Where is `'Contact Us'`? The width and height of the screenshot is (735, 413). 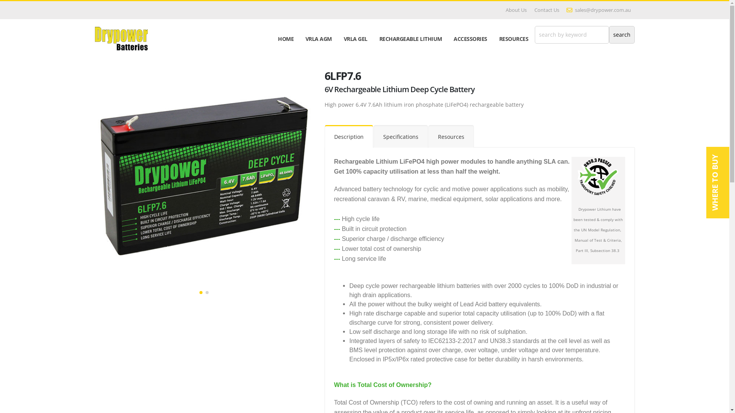 'Contact Us' is located at coordinates (530, 10).